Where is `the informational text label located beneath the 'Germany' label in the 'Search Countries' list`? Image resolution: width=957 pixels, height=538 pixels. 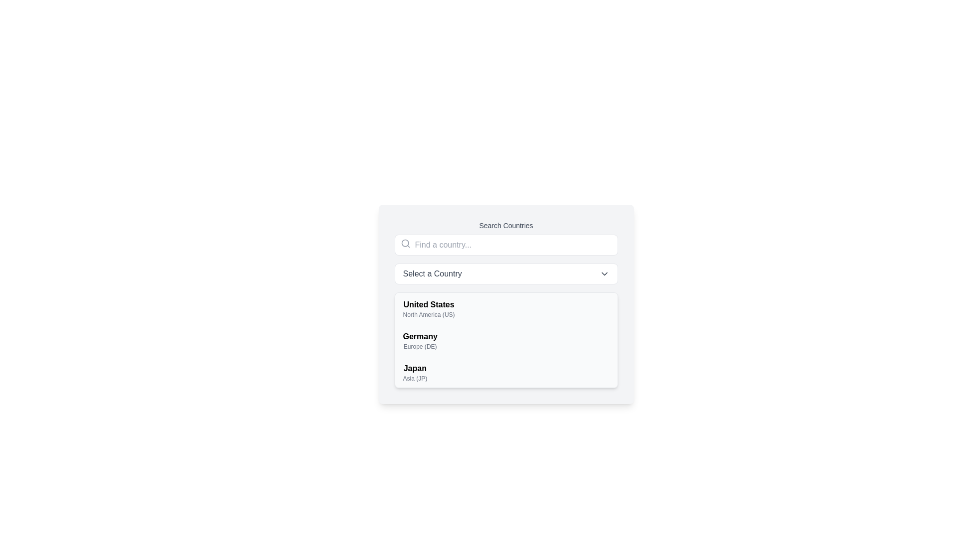 the informational text label located beneath the 'Germany' label in the 'Search Countries' list is located at coordinates (420, 346).